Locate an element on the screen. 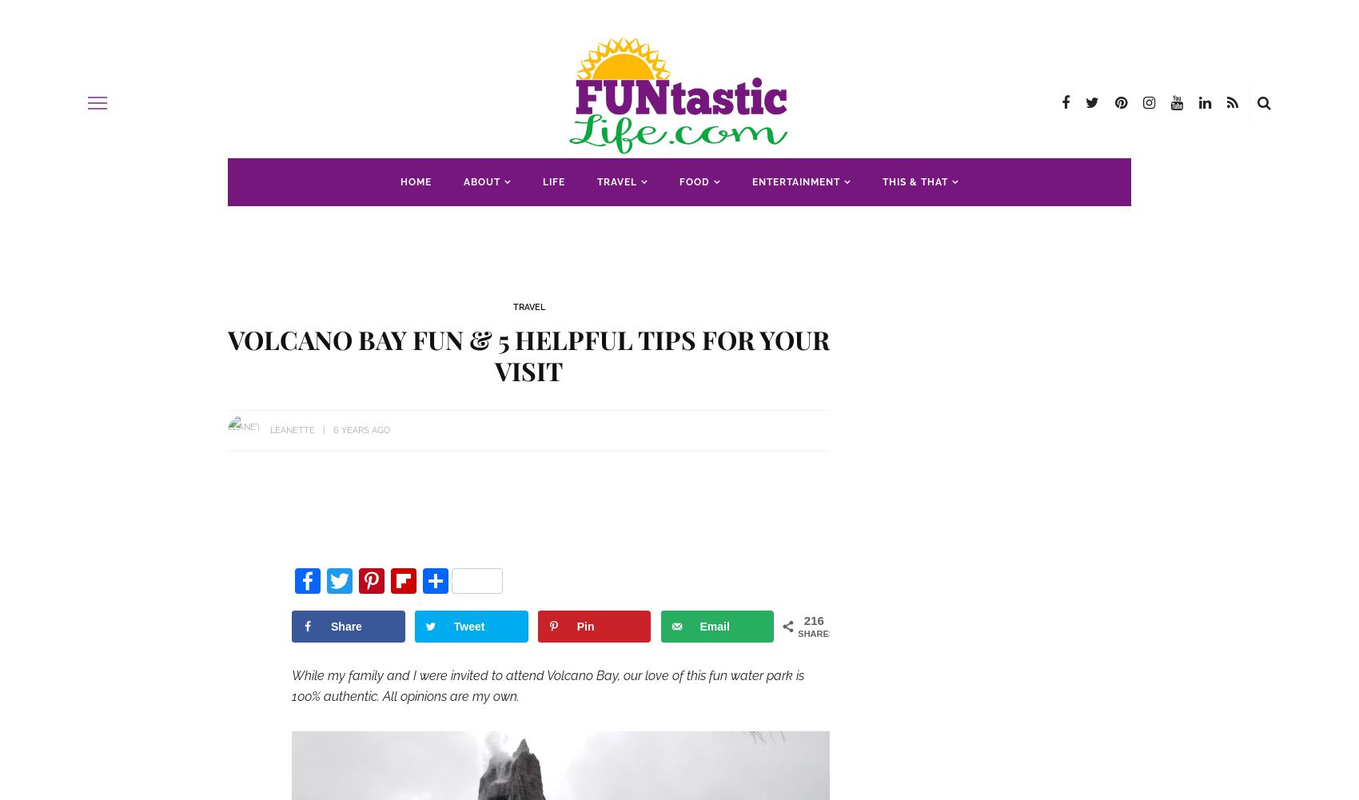  'Saving Money' is located at coordinates (1055, 289).